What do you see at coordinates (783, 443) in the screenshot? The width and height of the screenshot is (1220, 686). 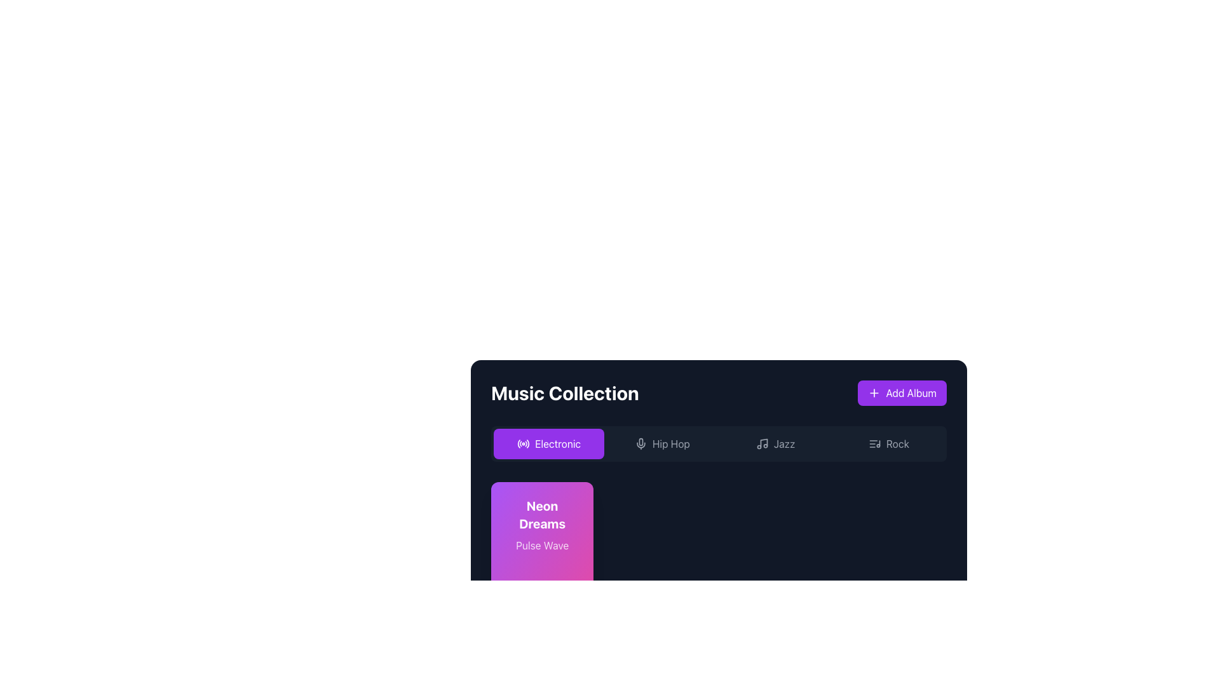 I see `the 'Jazz' category label in the 'Music Collection' navigation bar to trigger a tooltip or visual effect` at bounding box center [783, 443].